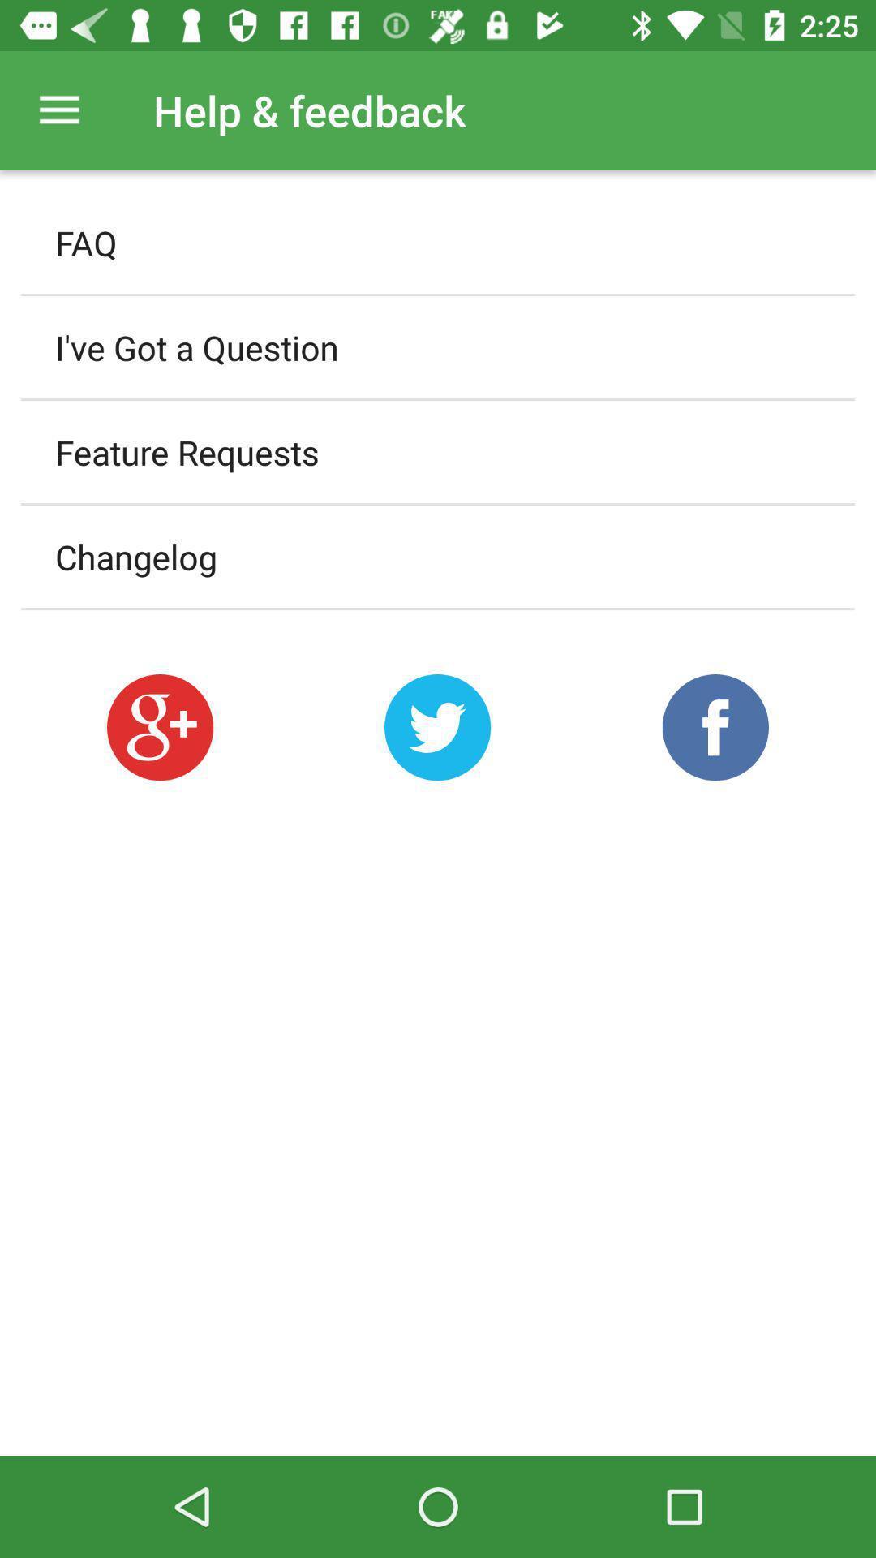 This screenshot has width=876, height=1558. I want to click on the google plus social media, so click(160, 726).